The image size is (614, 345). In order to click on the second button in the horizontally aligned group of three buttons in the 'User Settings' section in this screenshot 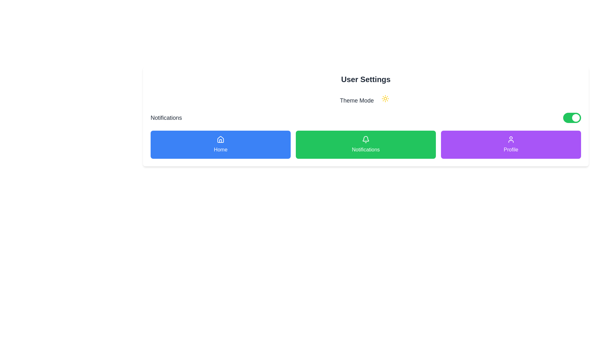, I will do `click(366, 144)`.